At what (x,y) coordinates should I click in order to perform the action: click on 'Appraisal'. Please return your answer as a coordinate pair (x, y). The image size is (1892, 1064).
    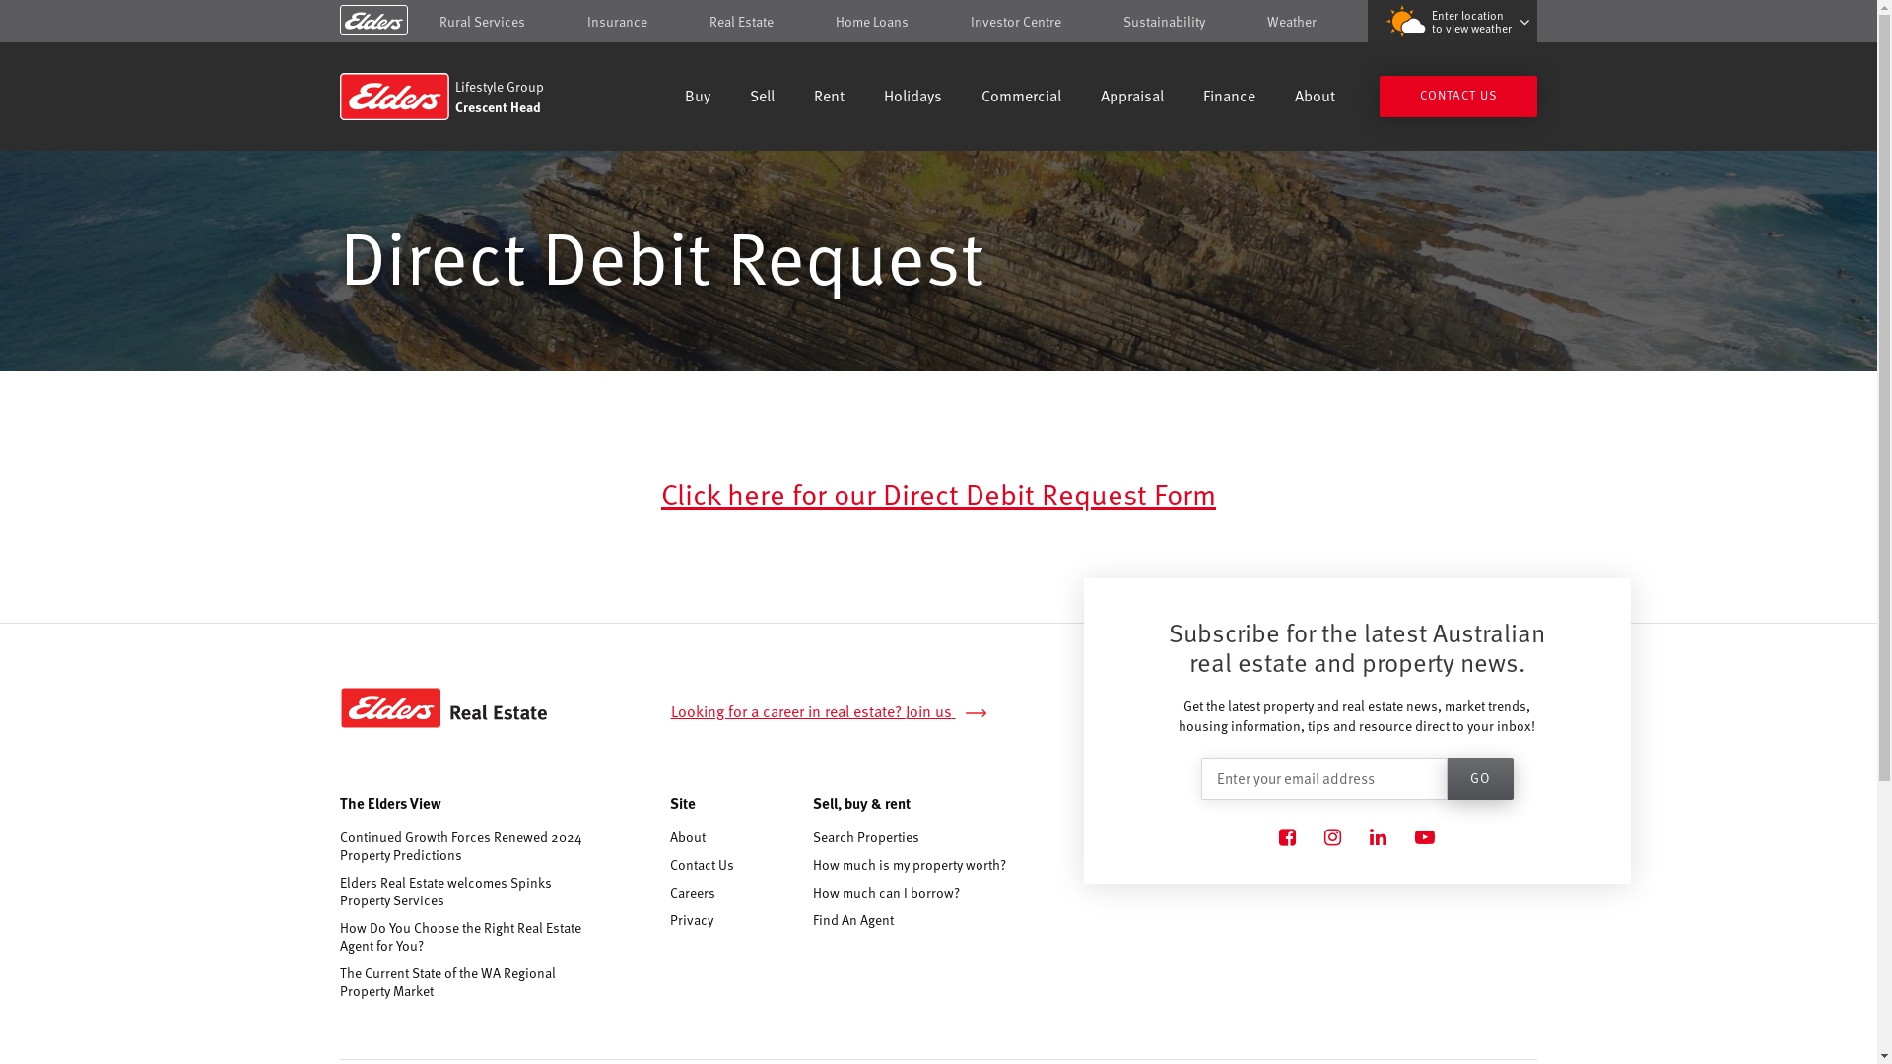
    Looking at the image, I should click on (1131, 98).